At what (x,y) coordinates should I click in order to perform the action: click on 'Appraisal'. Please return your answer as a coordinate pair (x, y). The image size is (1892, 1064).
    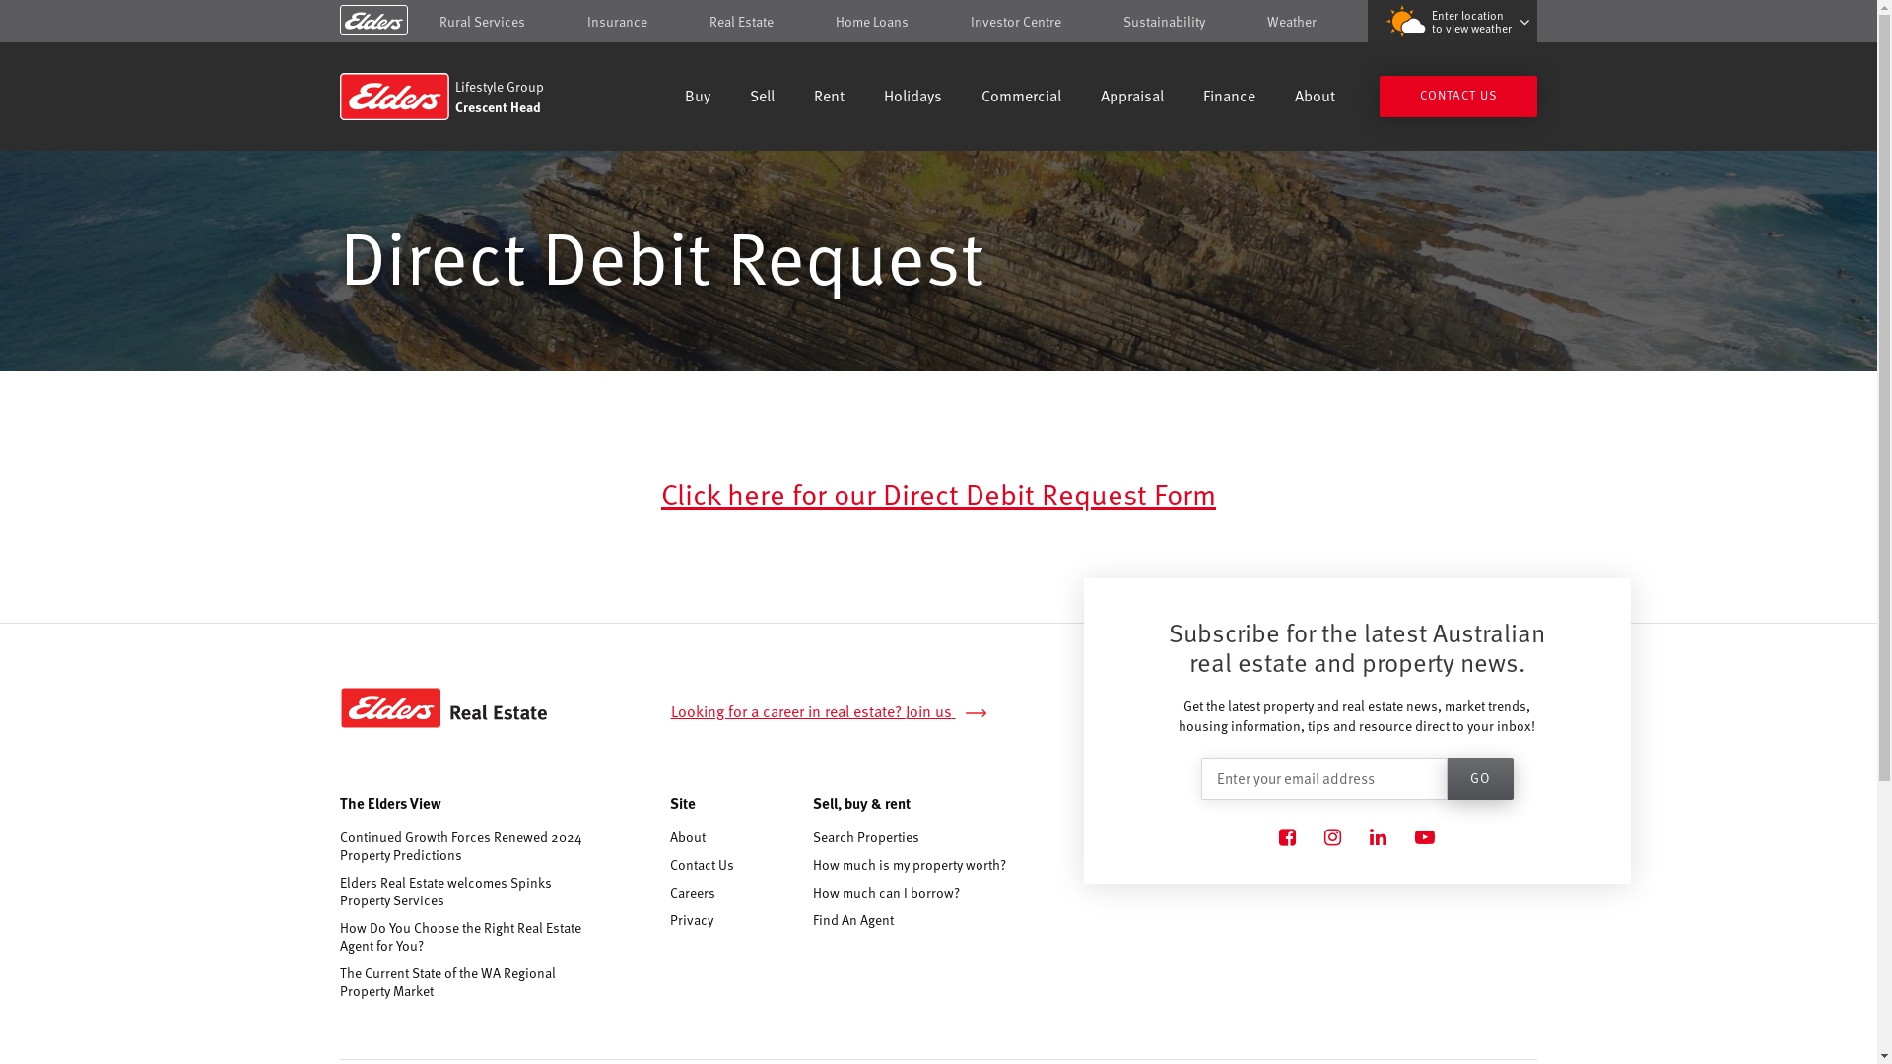
    Looking at the image, I should click on (1131, 98).